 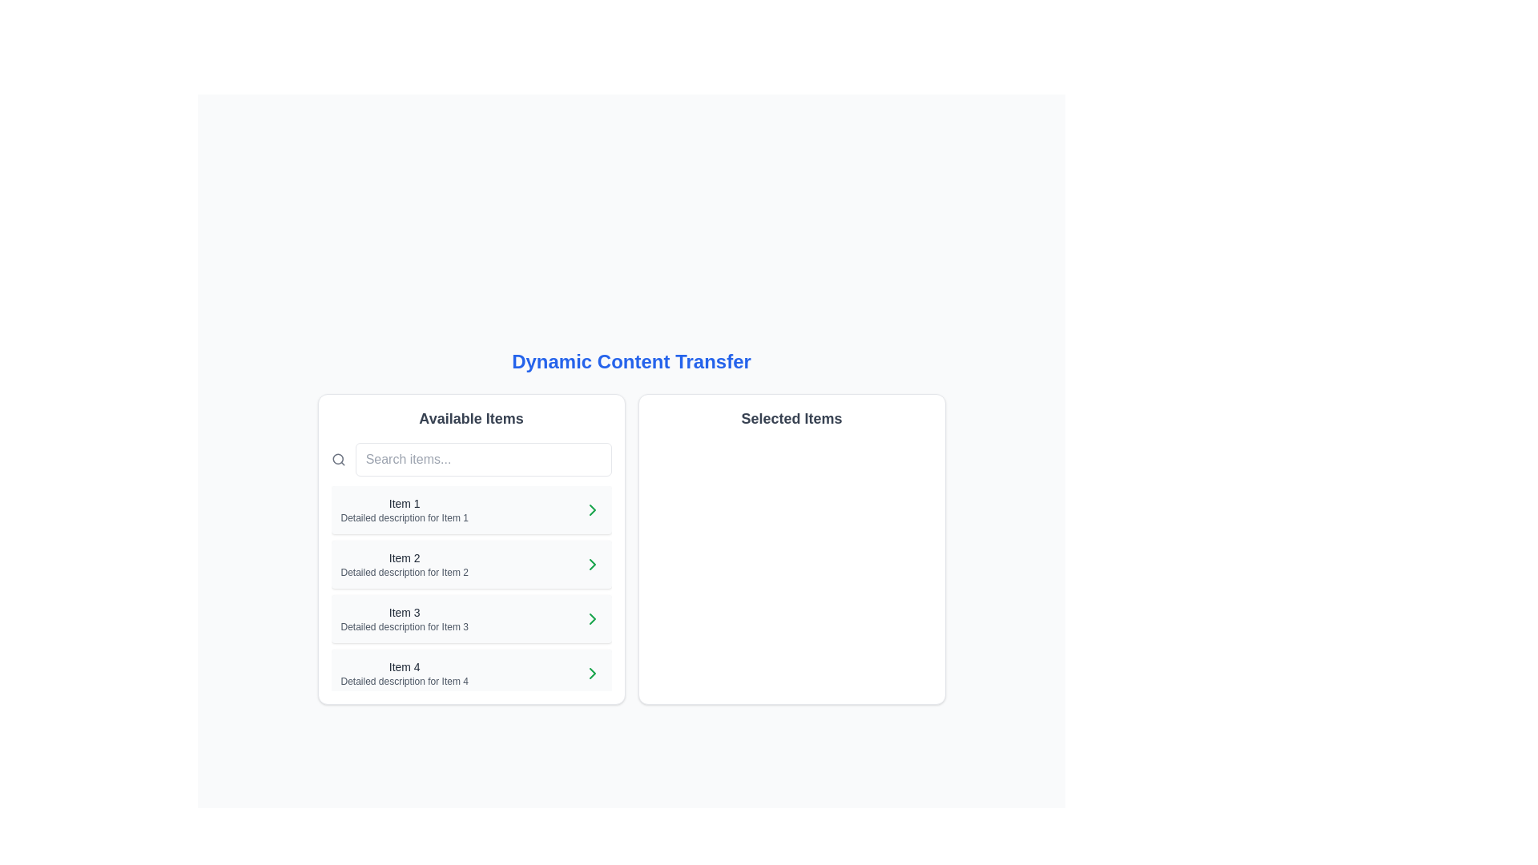 I want to click on the first list item titled 'Item 1', so click(x=404, y=509).